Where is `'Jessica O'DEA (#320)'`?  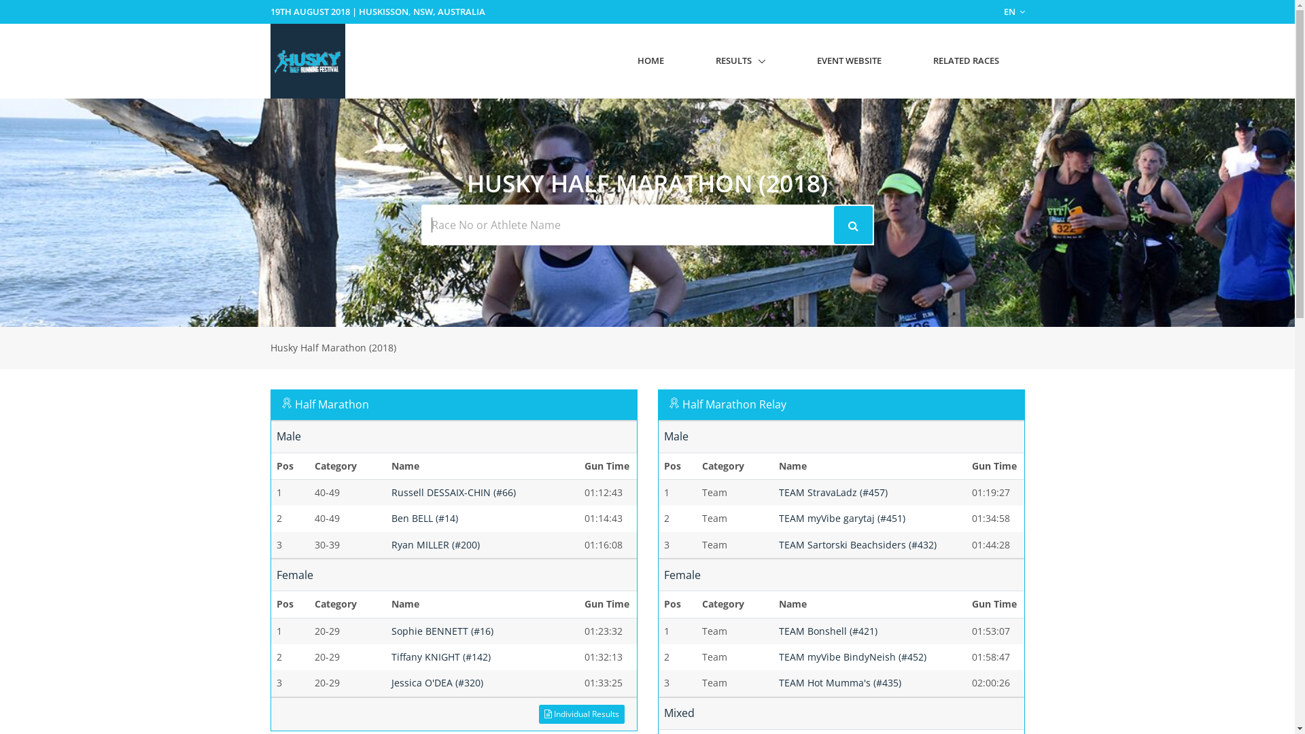 'Jessica O'DEA (#320)' is located at coordinates (437, 682).